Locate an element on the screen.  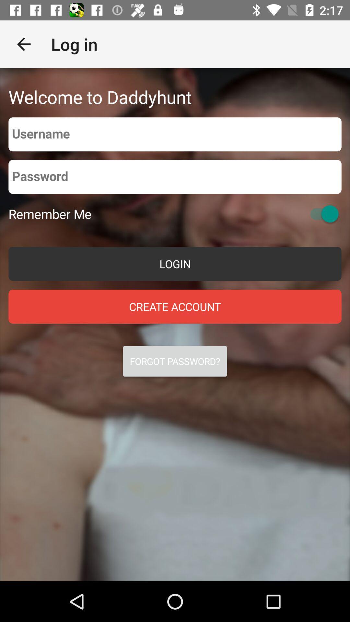
item to the left of the log in app is located at coordinates (23, 44).